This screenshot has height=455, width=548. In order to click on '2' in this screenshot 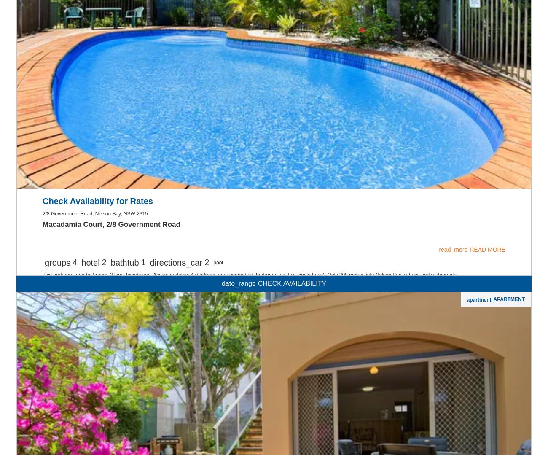, I will do `click(103, 369)`.